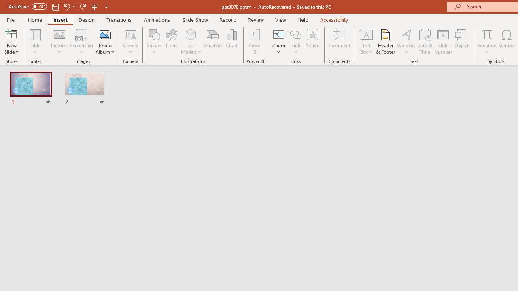 This screenshot has height=291, width=518. Describe the element at coordinates (104, 42) in the screenshot. I see `'Photo Album...'` at that location.